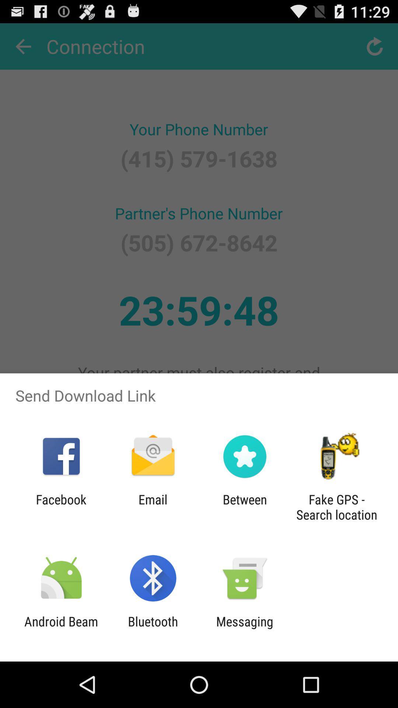 The height and width of the screenshot is (708, 398). What do you see at coordinates (61, 629) in the screenshot?
I see `item to the left of bluetooth app` at bounding box center [61, 629].